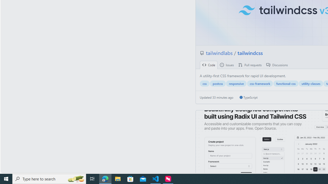  I want to click on ' Code', so click(209, 65).